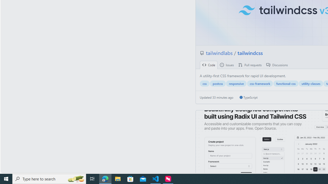  I want to click on ' Code', so click(209, 65).